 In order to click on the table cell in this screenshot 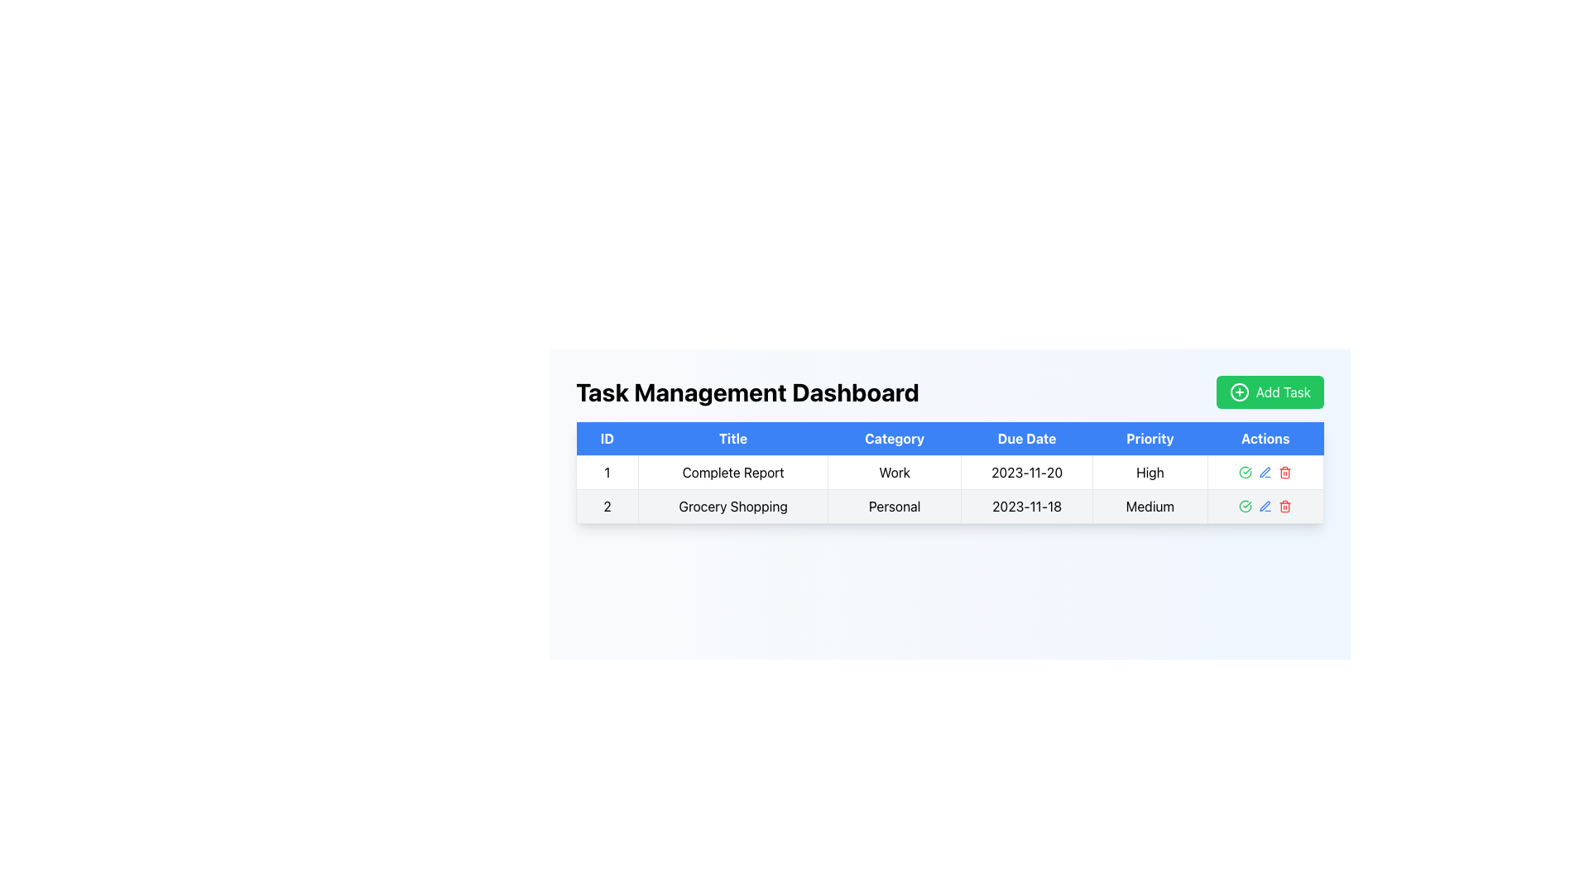, I will do `click(607, 472)`.